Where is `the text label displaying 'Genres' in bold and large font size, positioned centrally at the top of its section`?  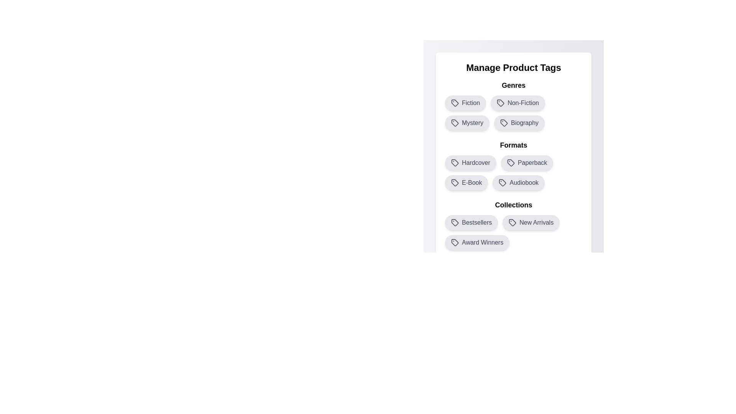 the text label displaying 'Genres' in bold and large font size, positioned centrally at the top of its section is located at coordinates (513, 85).